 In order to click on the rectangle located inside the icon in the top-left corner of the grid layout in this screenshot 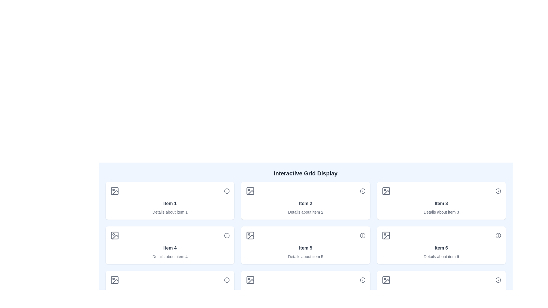, I will do `click(114, 191)`.